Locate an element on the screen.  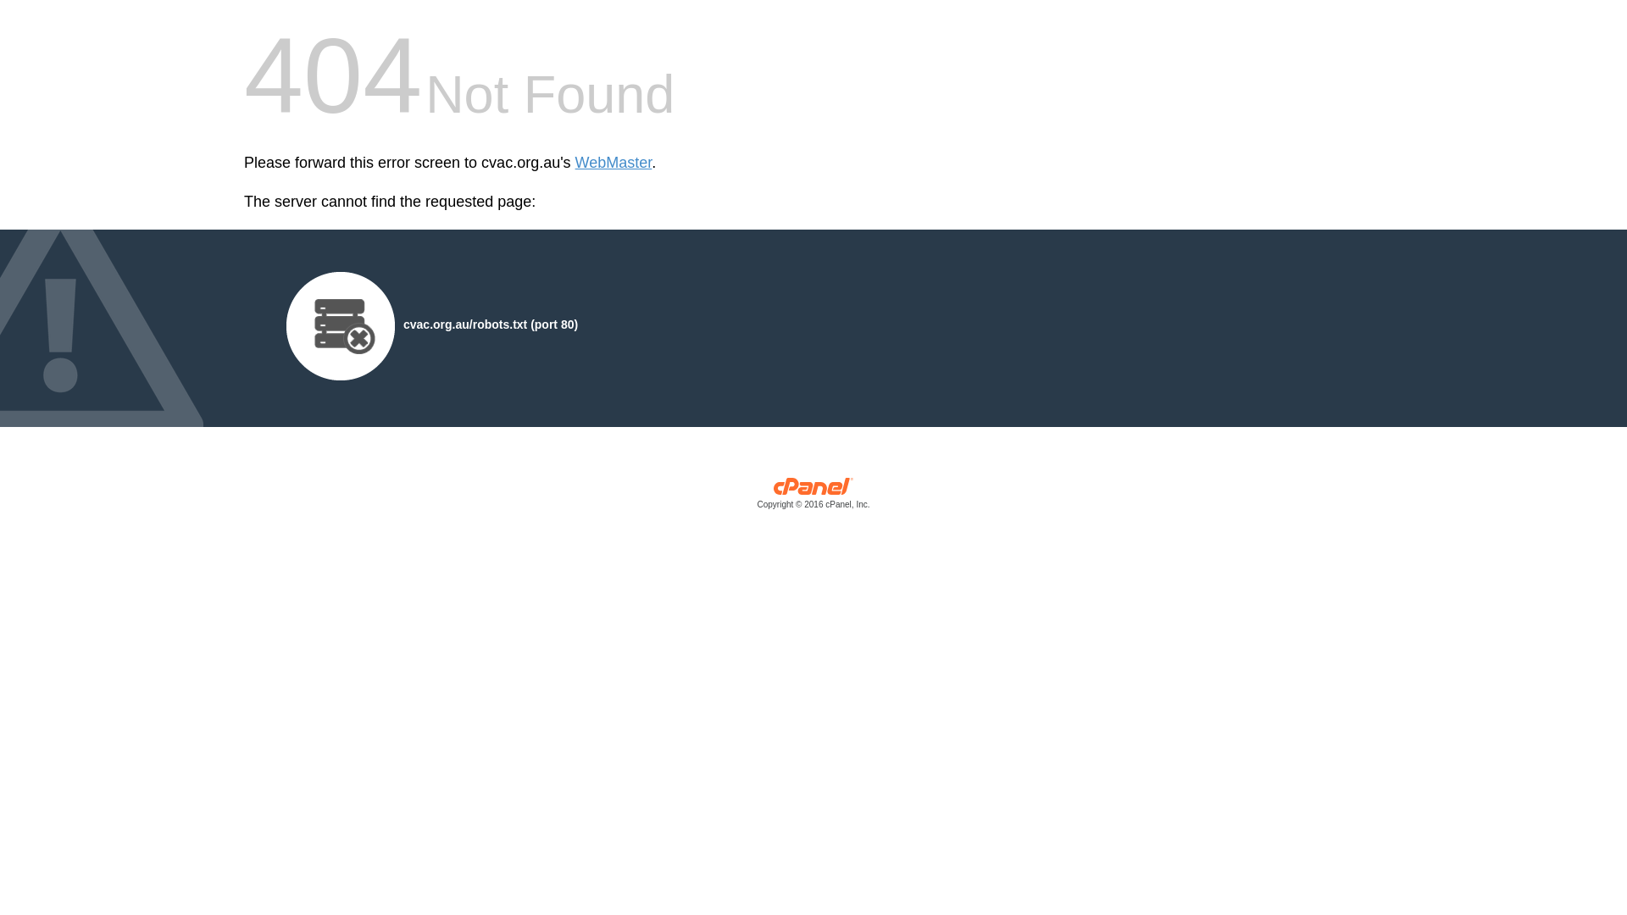
'WebMaster' is located at coordinates (575, 163).